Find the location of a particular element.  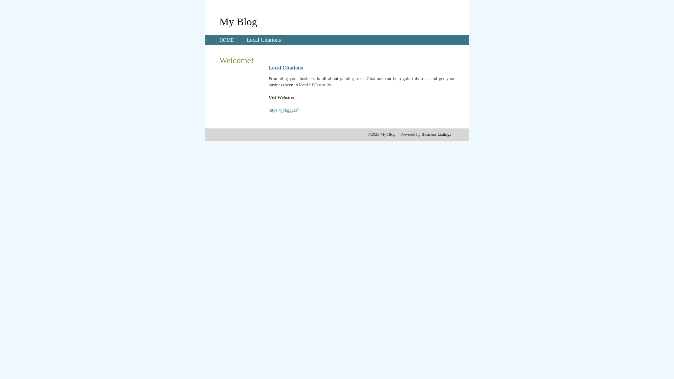

'HOME' is located at coordinates (226, 40).